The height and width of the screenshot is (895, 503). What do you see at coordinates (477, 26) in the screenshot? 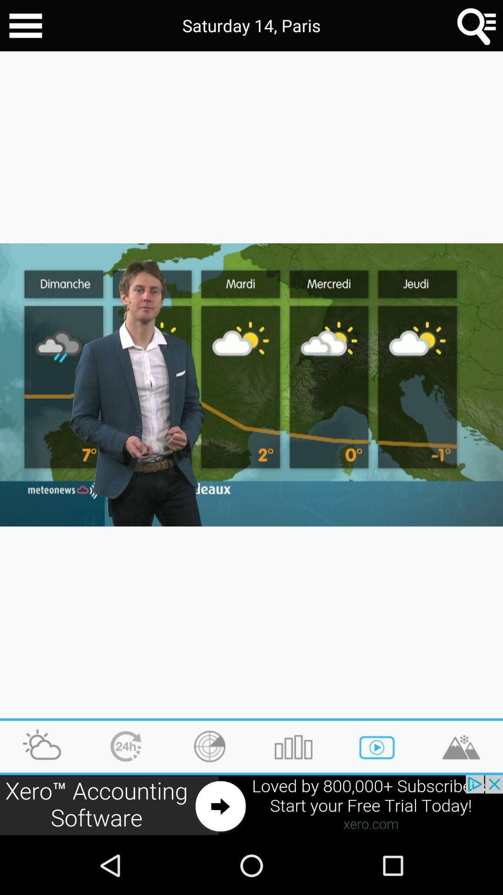
I see `search button` at bounding box center [477, 26].